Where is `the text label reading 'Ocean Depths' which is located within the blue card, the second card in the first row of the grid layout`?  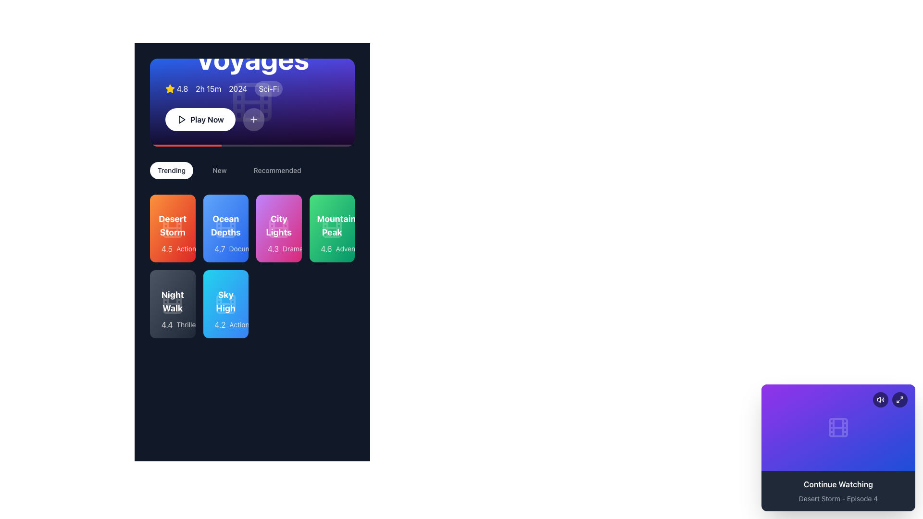
the text label reading 'Ocean Depths' which is located within the blue card, the second card in the first row of the grid layout is located at coordinates (225, 226).